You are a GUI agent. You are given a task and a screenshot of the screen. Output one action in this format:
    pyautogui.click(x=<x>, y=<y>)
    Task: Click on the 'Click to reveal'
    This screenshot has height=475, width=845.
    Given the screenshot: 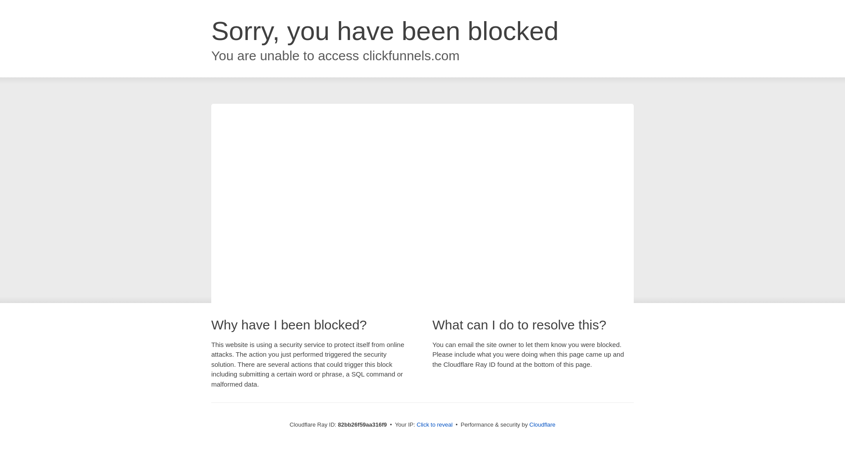 What is the action you would take?
    pyautogui.click(x=435, y=424)
    